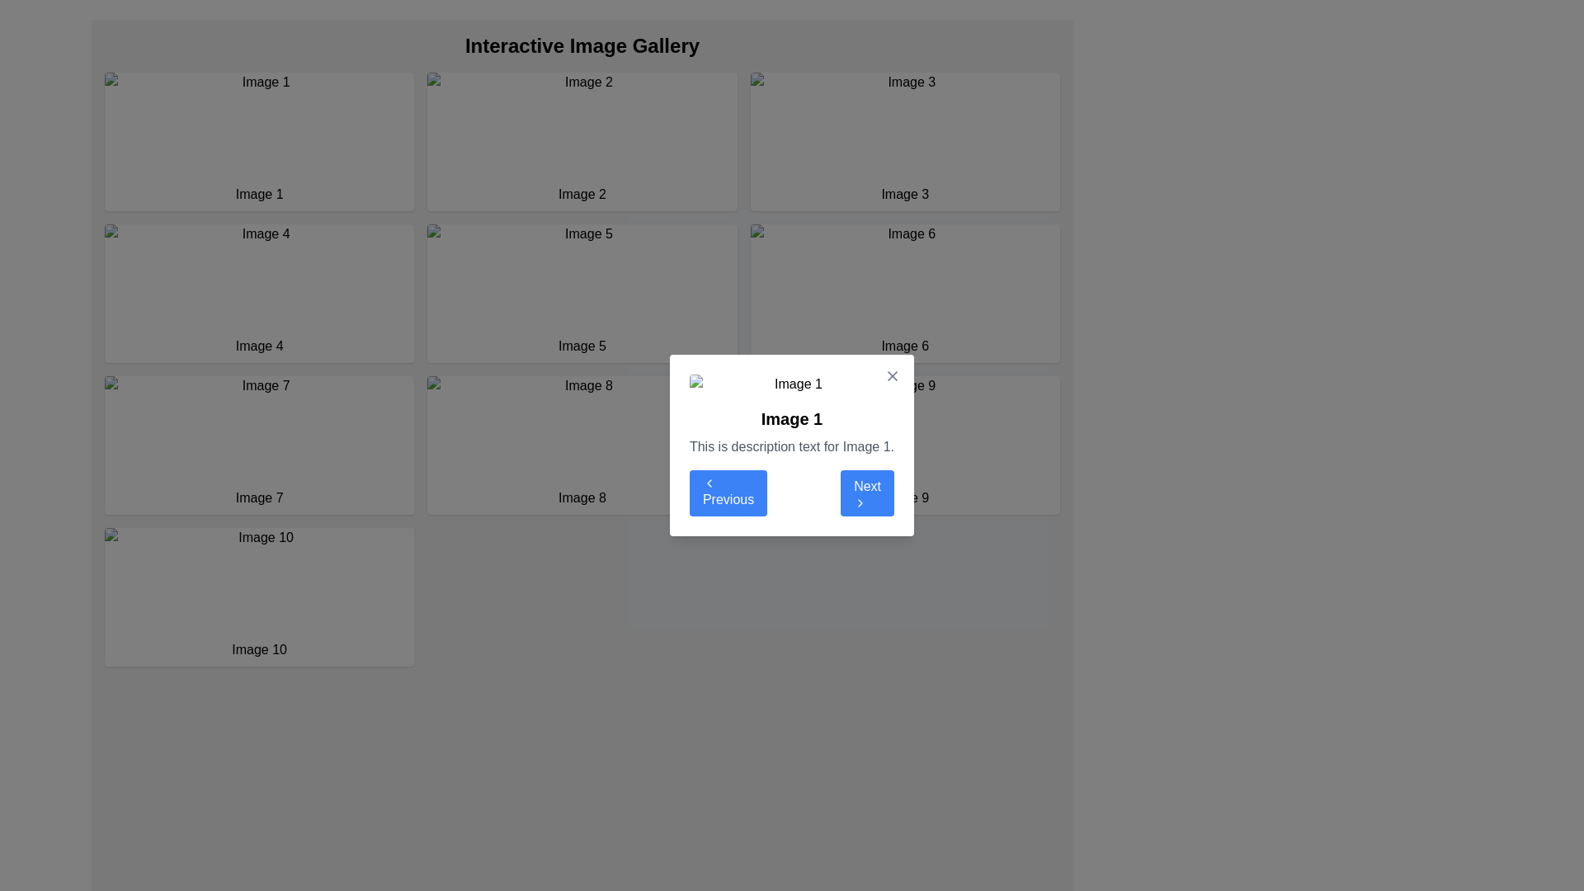  What do you see at coordinates (792, 418) in the screenshot?
I see `the text label displaying 'Image 1', which is styled in bold, black font and positioned centrally within the pop-up interface above the descriptive text section` at bounding box center [792, 418].